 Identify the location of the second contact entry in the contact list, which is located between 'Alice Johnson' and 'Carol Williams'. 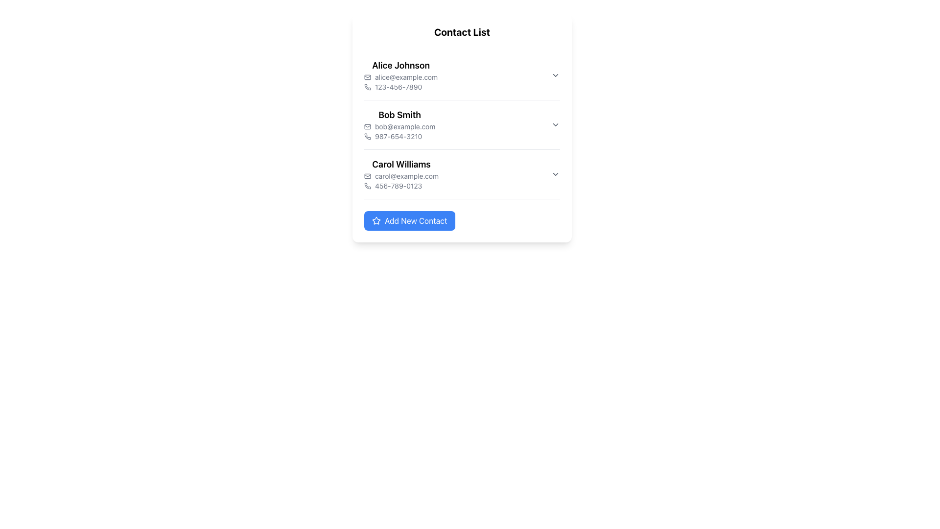
(462, 124).